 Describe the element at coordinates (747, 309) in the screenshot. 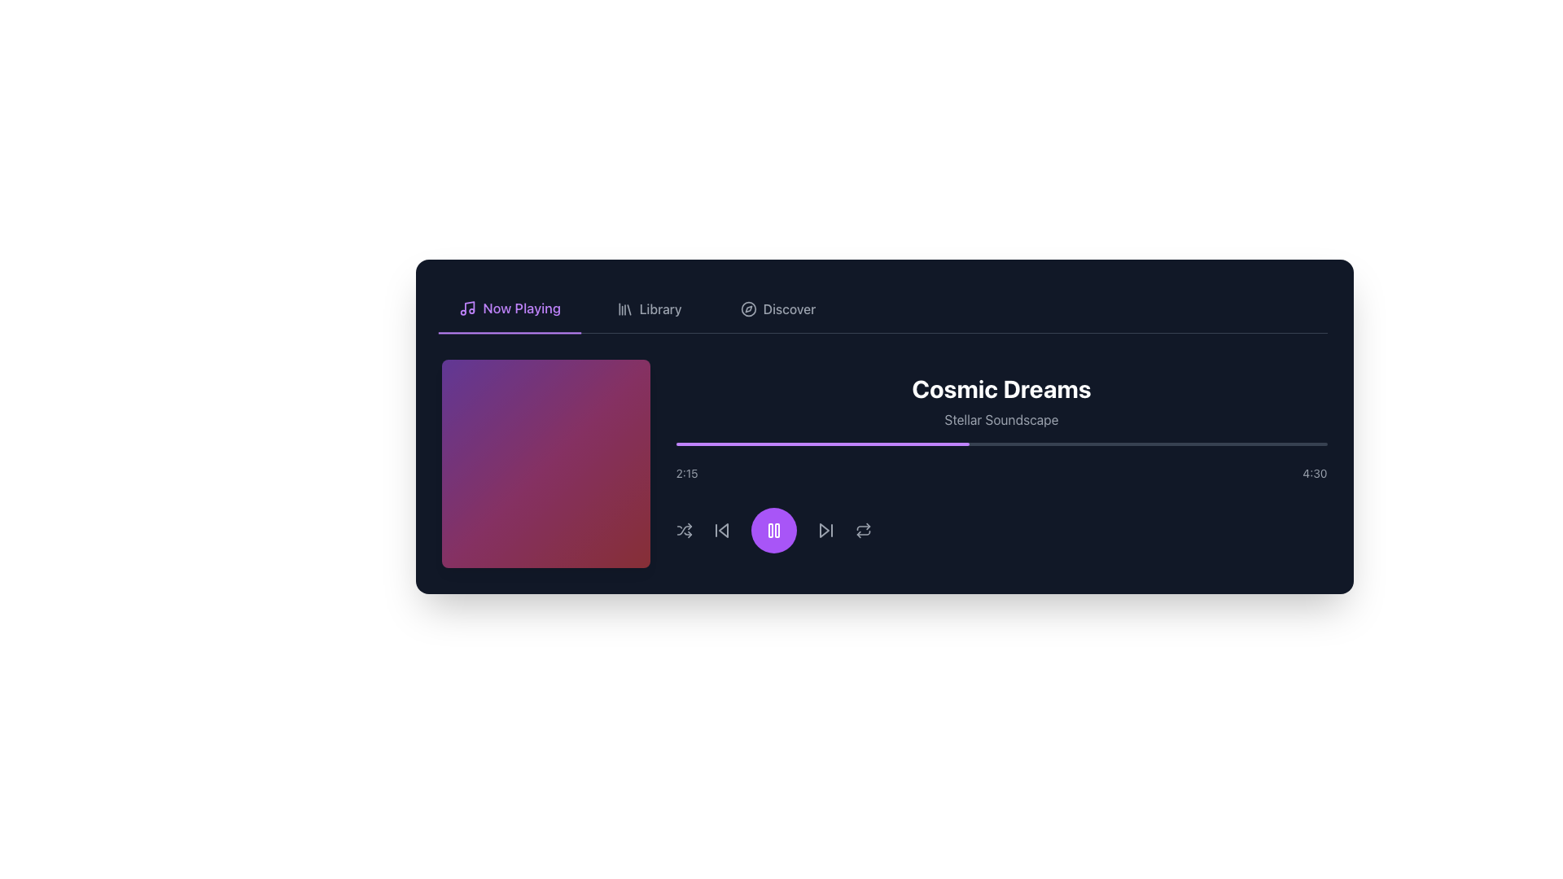

I see `the SVG Circle element that is part of the compass-like icon located in the top navigation bar, to the right of the 'Library' text, to interact with nearby features` at that location.